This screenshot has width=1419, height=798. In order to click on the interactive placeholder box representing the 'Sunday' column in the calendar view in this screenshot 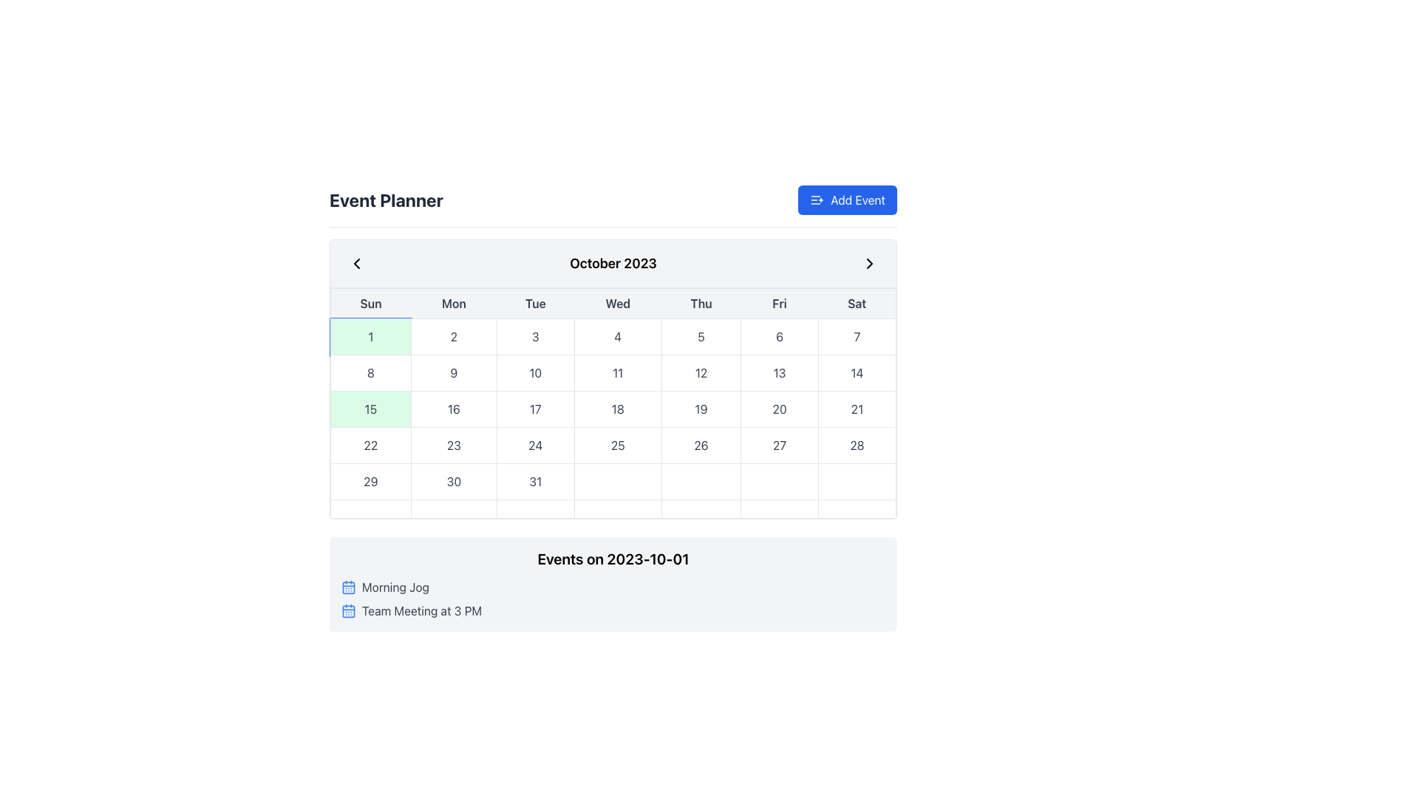, I will do `click(370, 508)`.